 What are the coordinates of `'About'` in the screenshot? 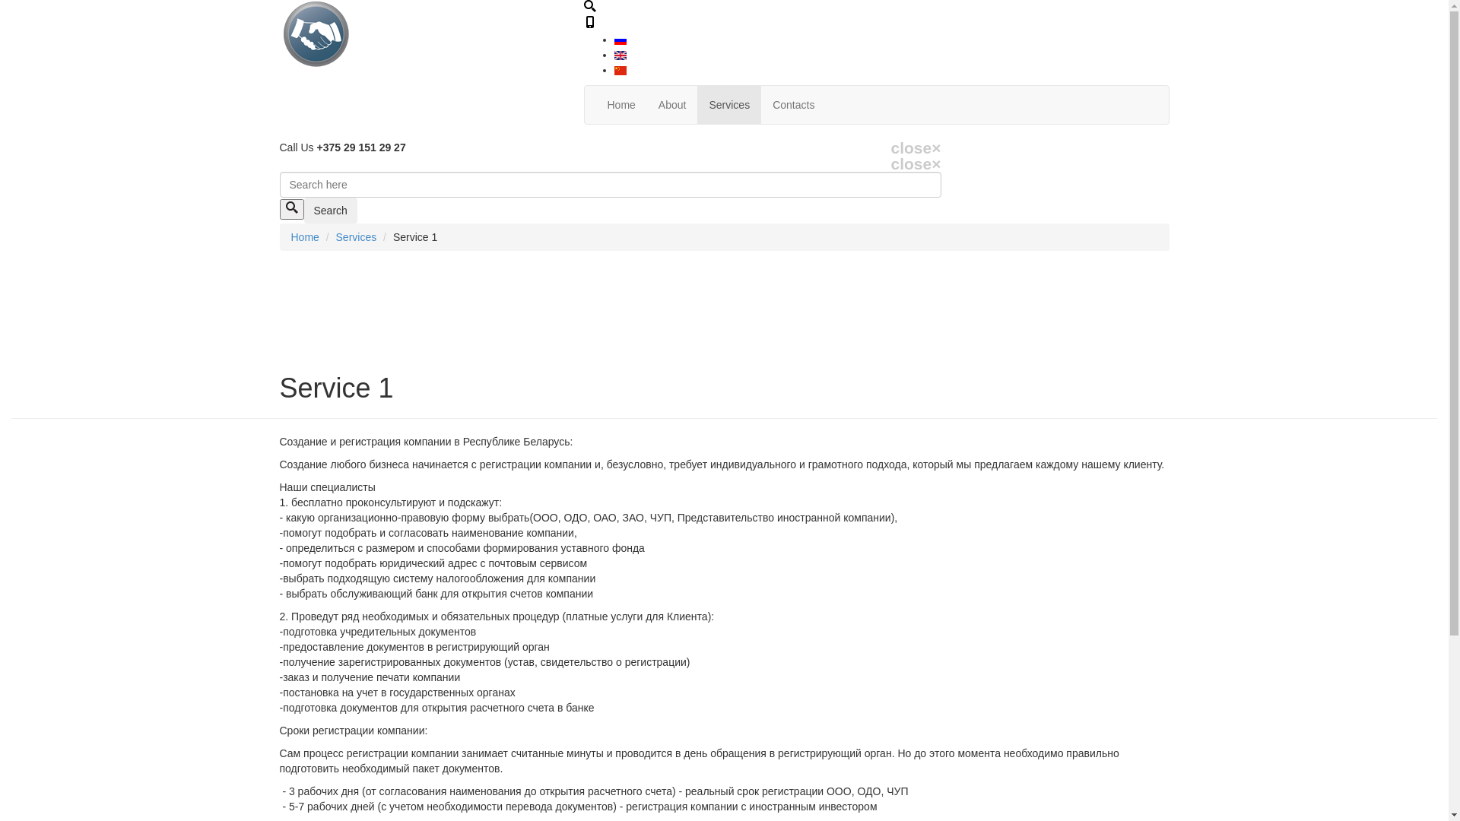 It's located at (671, 104).